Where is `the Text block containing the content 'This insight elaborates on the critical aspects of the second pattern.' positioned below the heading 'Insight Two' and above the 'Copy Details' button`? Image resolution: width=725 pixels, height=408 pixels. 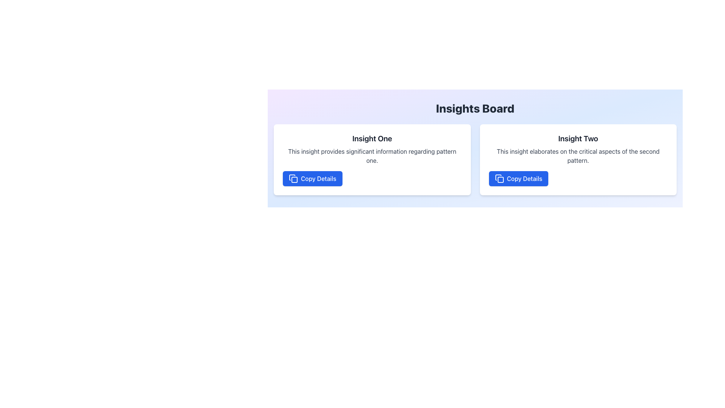
the Text block containing the content 'This insight elaborates on the critical aspects of the second pattern.' positioned below the heading 'Insight Two' and above the 'Copy Details' button is located at coordinates (578, 155).